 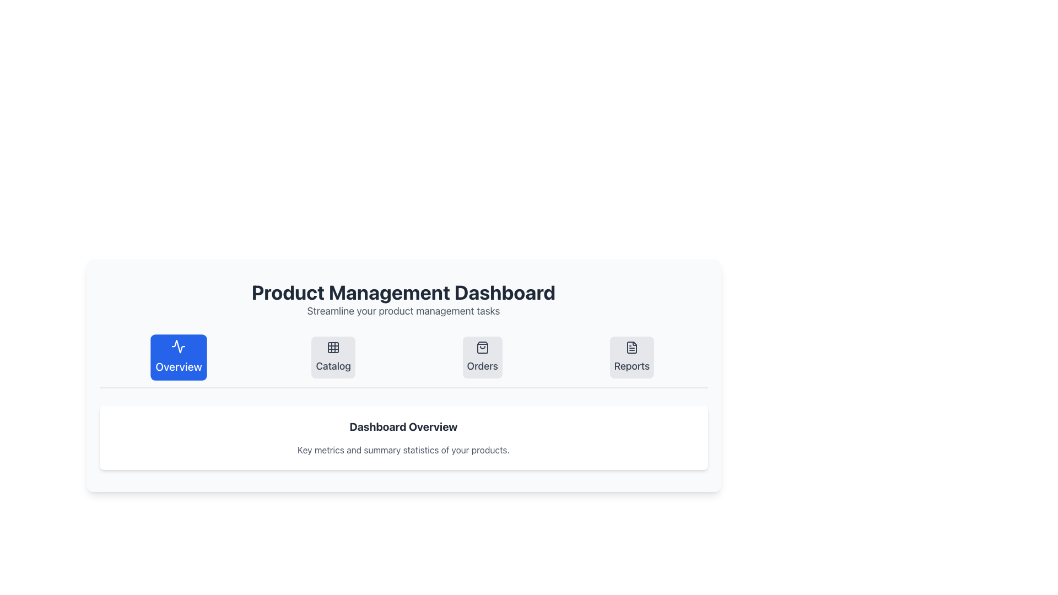 I want to click on the 'Overview' button, which serves as a label indicating its purpose for navigating to the overview section in the Product Management Dashboard, so click(x=179, y=367).